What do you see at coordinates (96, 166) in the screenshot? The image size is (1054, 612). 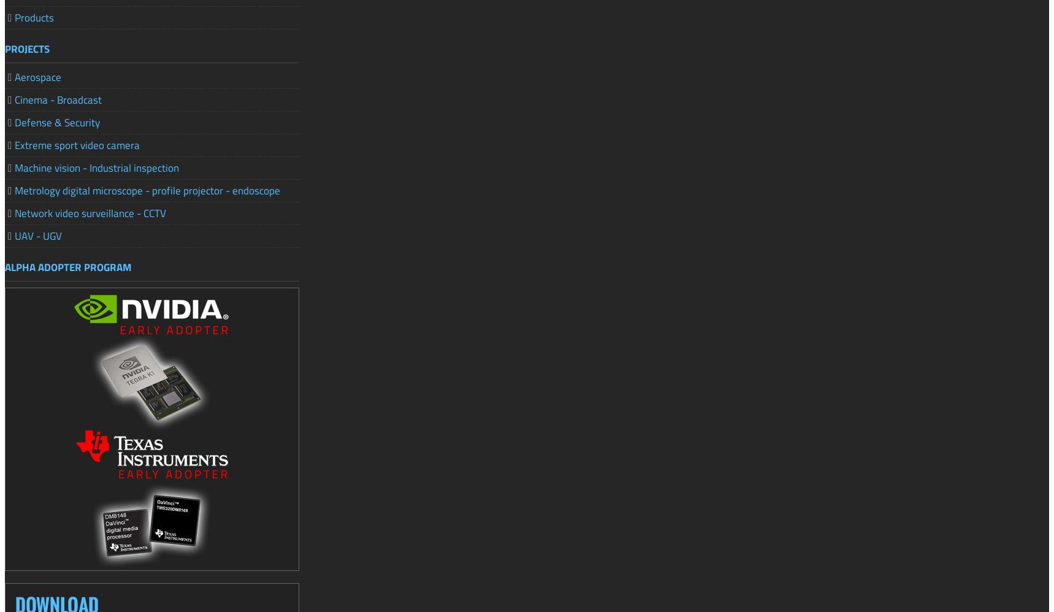 I see `'Machine vision - Industrial inspection'` at bounding box center [96, 166].